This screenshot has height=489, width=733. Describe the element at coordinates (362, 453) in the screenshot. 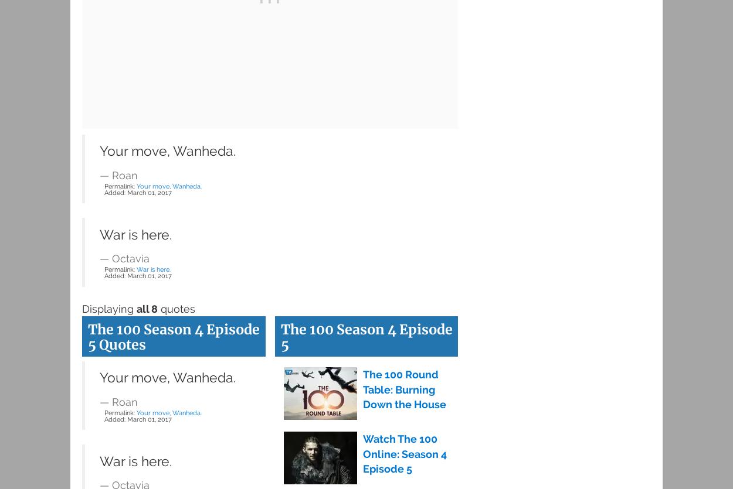

I see `'Watch The 100 Online: Season 4 Episode 5'` at that location.